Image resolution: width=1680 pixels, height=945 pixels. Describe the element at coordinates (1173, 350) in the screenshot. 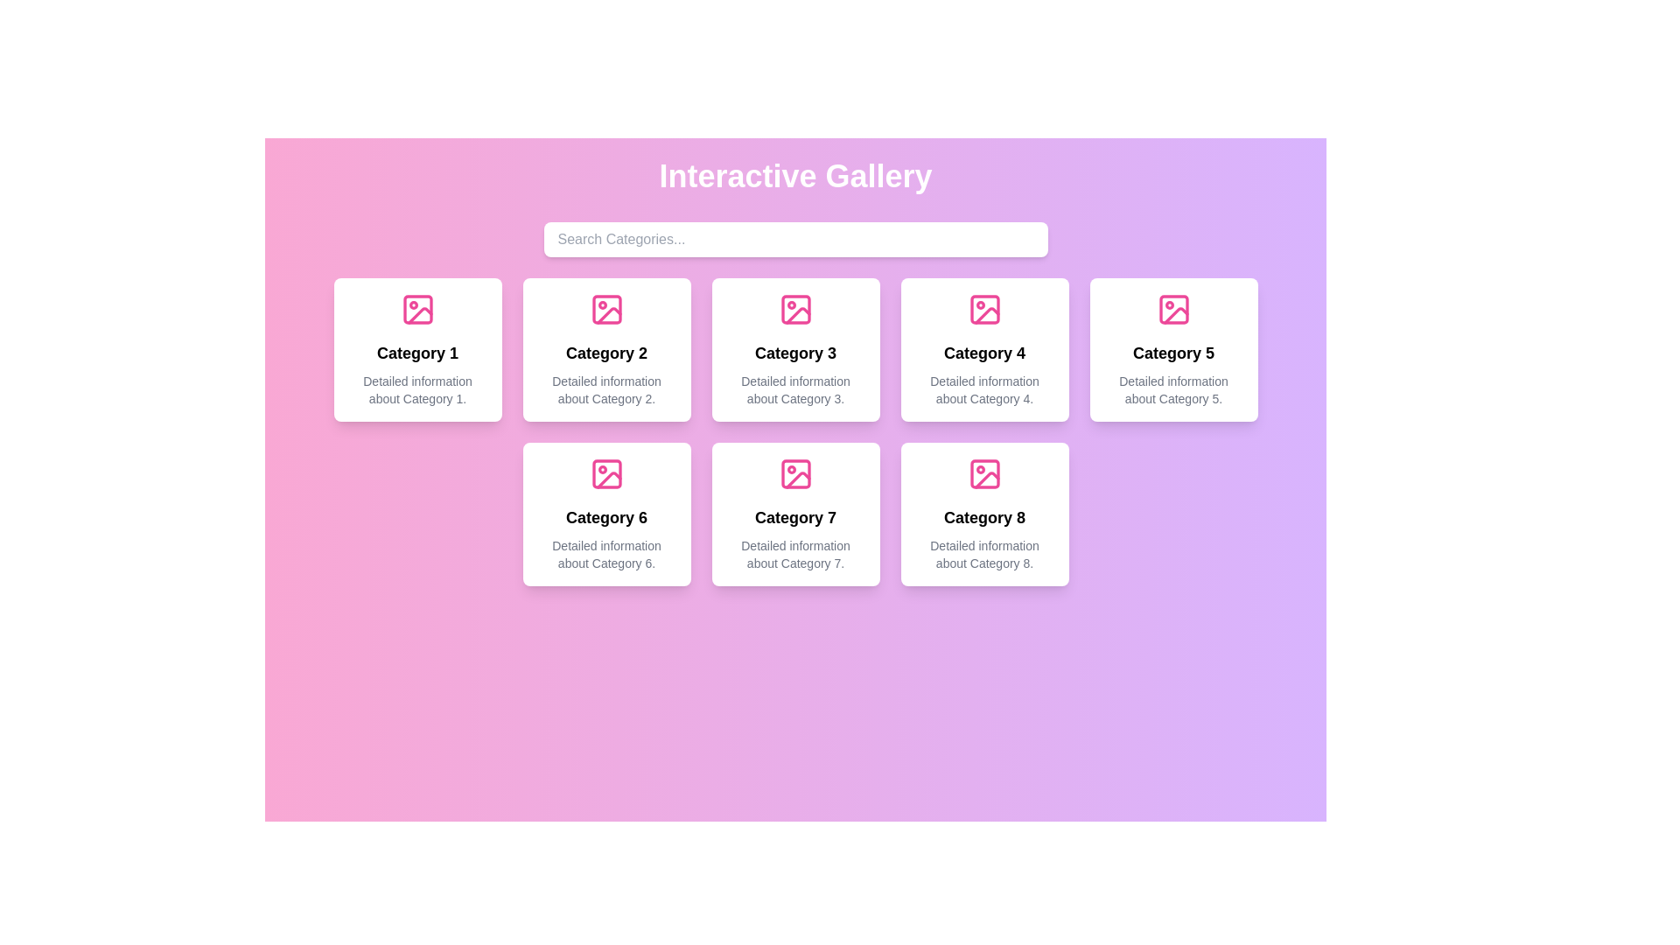

I see `'Category 5' information card, which is the fifth card in a two-row grid layout and serves to present information and navigation` at that location.